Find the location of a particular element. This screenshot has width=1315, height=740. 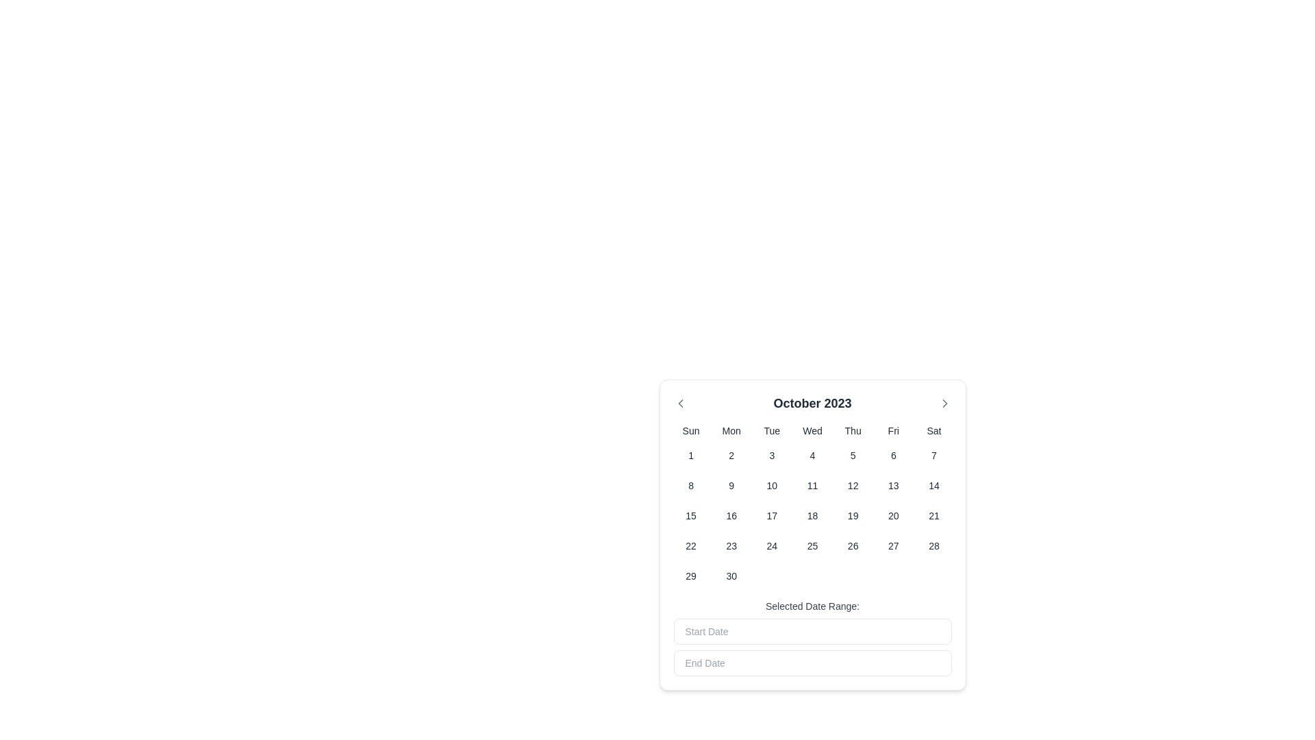

the text label 'Wed' in the header row of the calendar view, which is formatted with center alignment and medium font weight is located at coordinates (812, 430).